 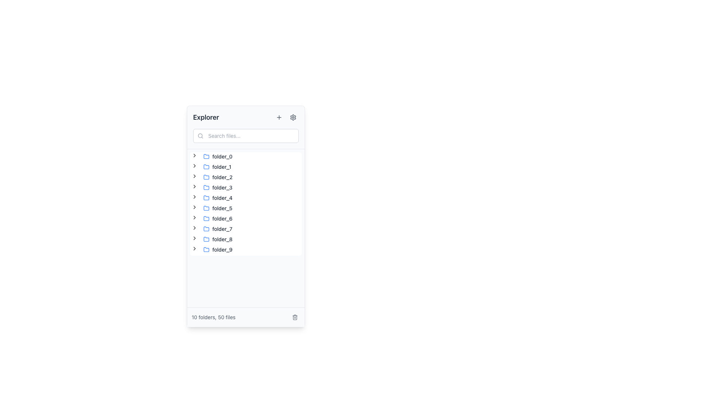 What do you see at coordinates (294, 317) in the screenshot?
I see `the delete icon button located at the bottom-right of the visible panel, which is styled with padding and hover effects` at bounding box center [294, 317].